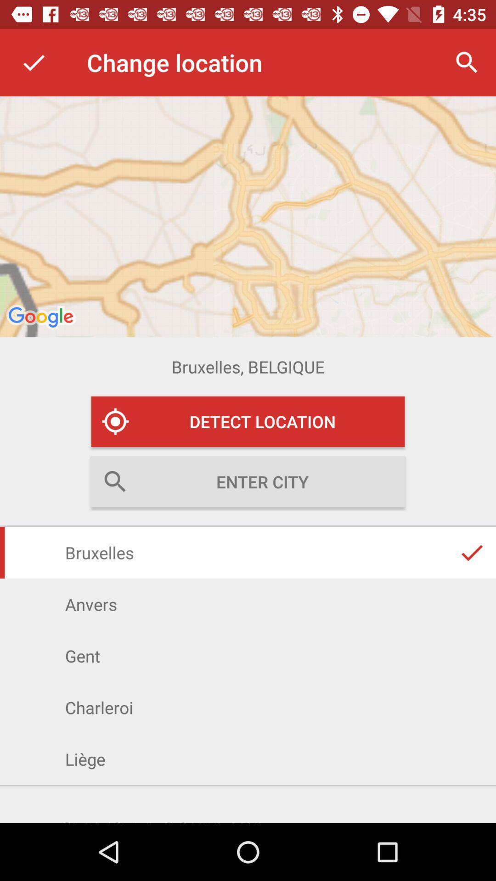  Describe the element at coordinates (467, 62) in the screenshot. I see `magnifier icon` at that location.